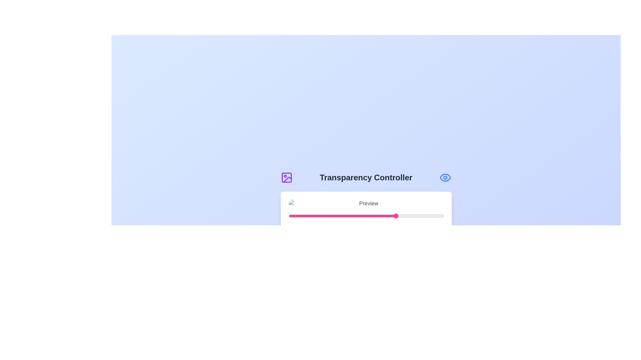 Image resolution: width=641 pixels, height=360 pixels. What do you see at coordinates (386, 216) in the screenshot?
I see `the transparency slider to 63%` at bounding box center [386, 216].